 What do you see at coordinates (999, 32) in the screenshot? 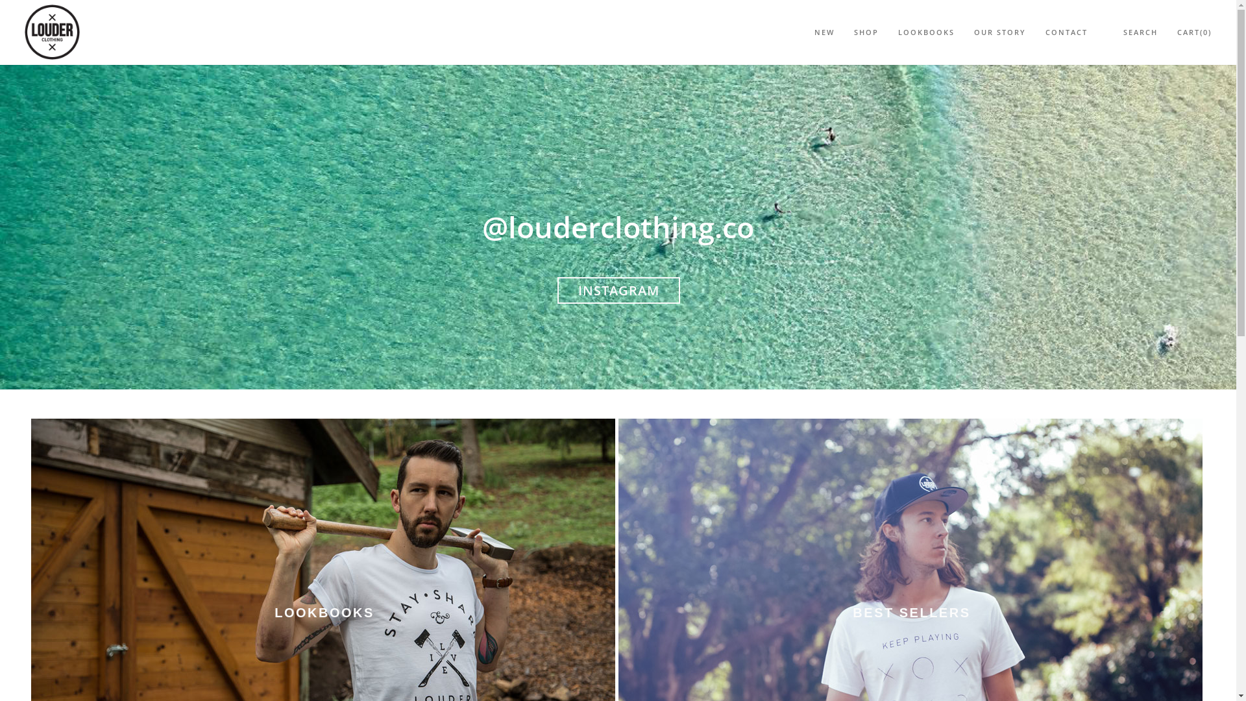
I see `'OUR STORY'` at bounding box center [999, 32].